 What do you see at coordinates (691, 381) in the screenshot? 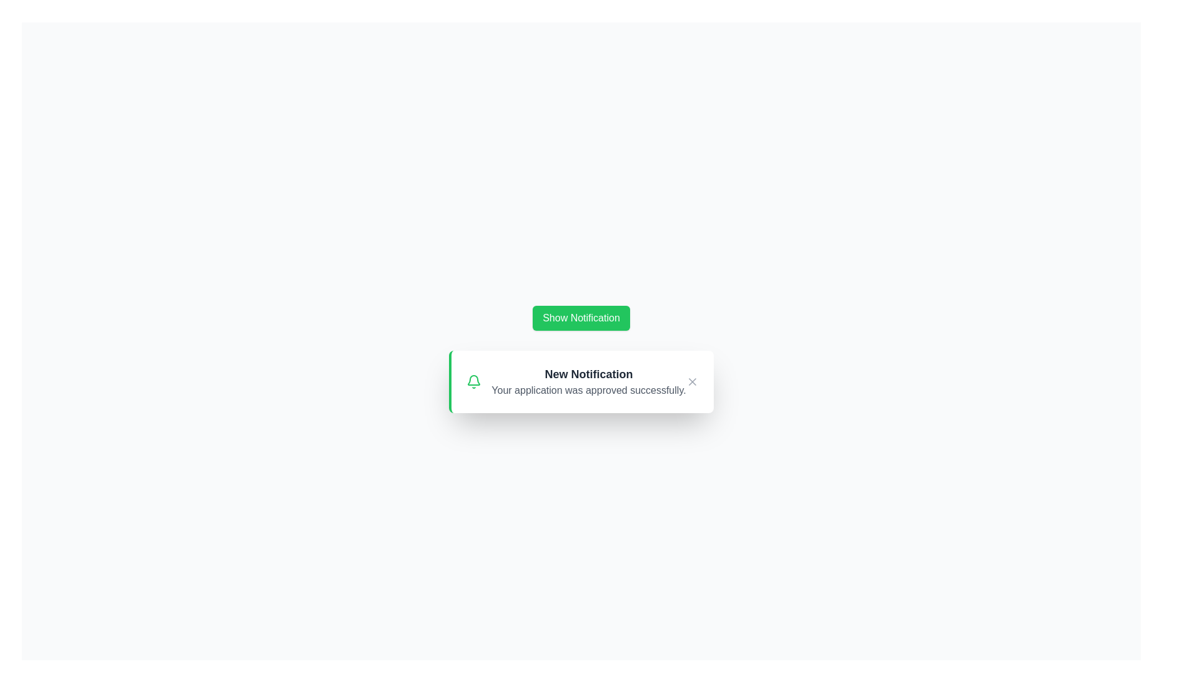
I see `the close icon located at the top-right corner of the notification card` at bounding box center [691, 381].